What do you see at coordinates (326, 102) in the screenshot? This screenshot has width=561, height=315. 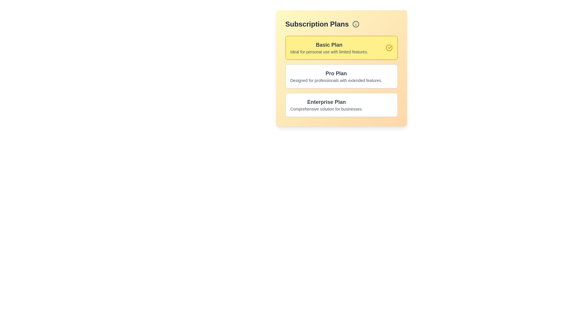 I see `the 'Enterprise Plan' text label, which is located in the third box of vertically stacked subscription plans, positioned below the 'Pro Plan' and above a descriptive text` at bounding box center [326, 102].